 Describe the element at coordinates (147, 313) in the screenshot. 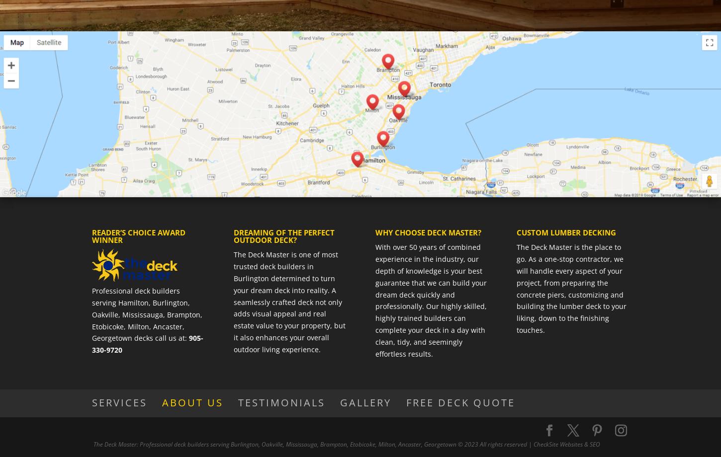

I see `'Professional deck builders serving Hamilton, Burlington, Oakville, Mississauga, Brampton, Etobicoke, Milton, Ancaster, Georgetown decks call us at:'` at that location.